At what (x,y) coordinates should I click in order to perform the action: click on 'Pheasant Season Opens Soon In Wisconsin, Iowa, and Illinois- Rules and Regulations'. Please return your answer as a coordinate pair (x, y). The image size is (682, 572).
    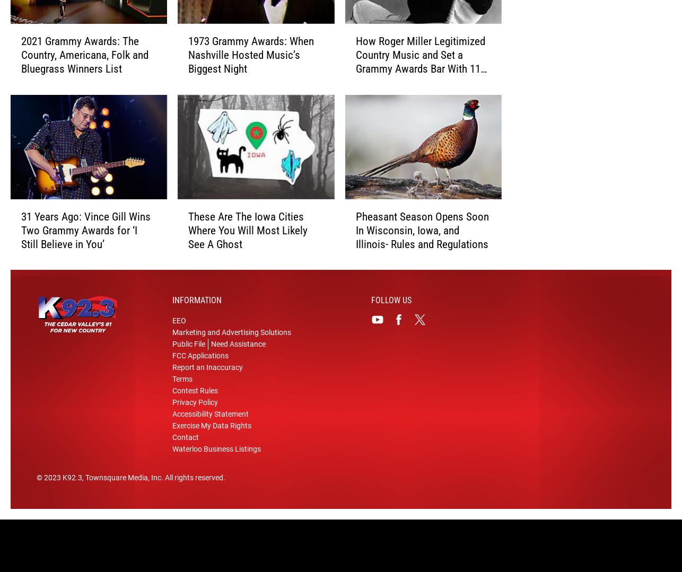
    Looking at the image, I should click on (422, 247).